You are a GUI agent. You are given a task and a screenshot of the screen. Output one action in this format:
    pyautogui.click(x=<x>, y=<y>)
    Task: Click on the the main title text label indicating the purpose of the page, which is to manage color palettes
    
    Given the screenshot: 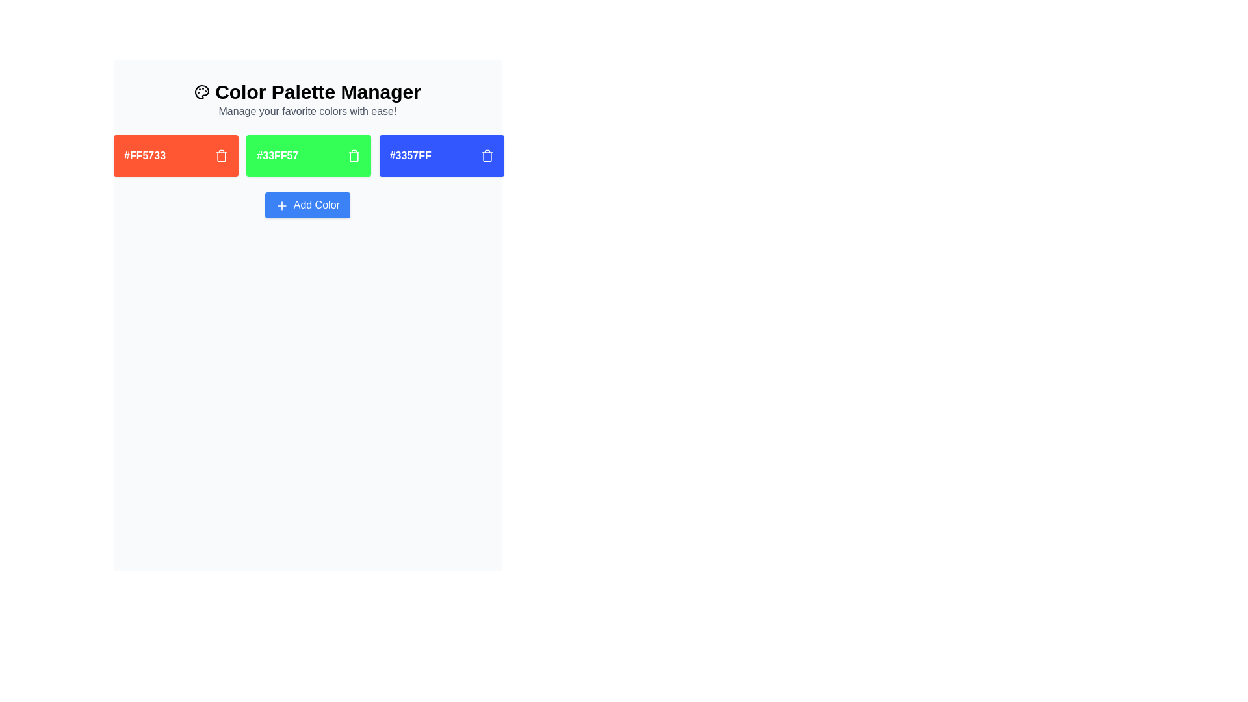 What is the action you would take?
    pyautogui.click(x=307, y=92)
    